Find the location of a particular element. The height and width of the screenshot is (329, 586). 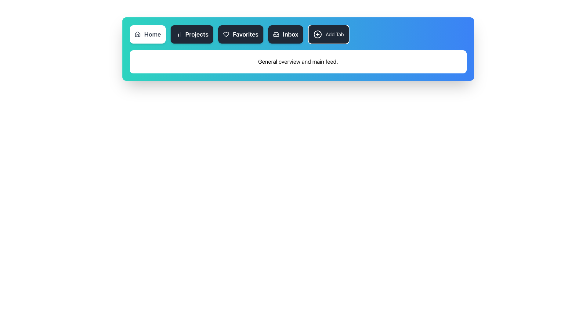

the 'Favorites' button, which is a prominently styled button with a dark gray background and white text is located at coordinates (240, 34).